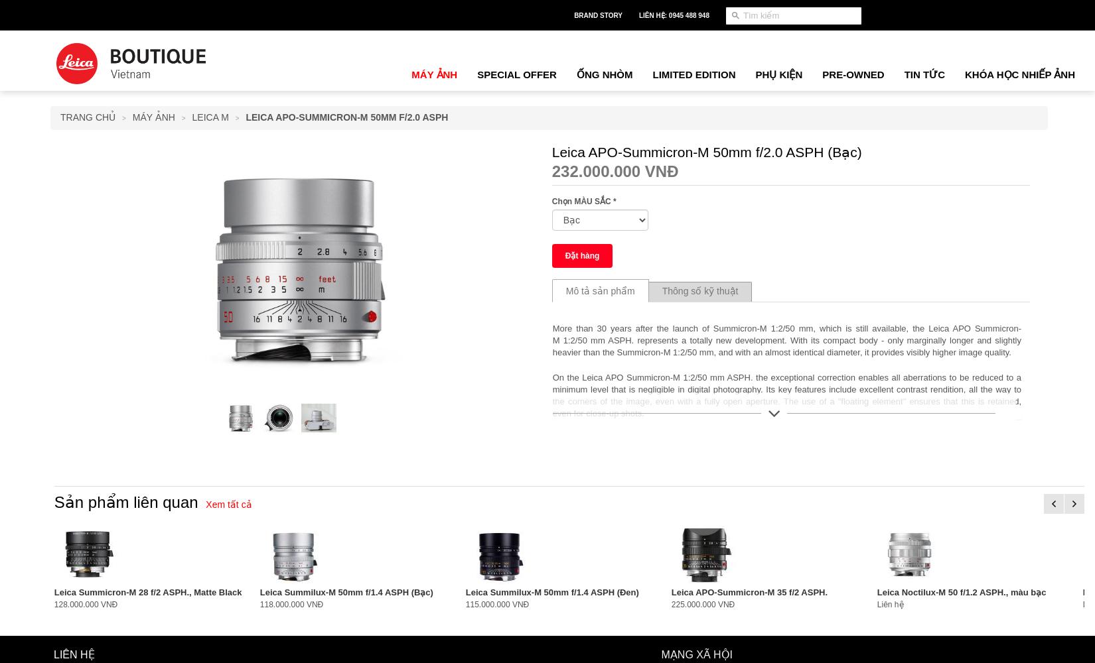 The image size is (1095, 663). I want to click on 'Trang chủ', so click(60, 117).